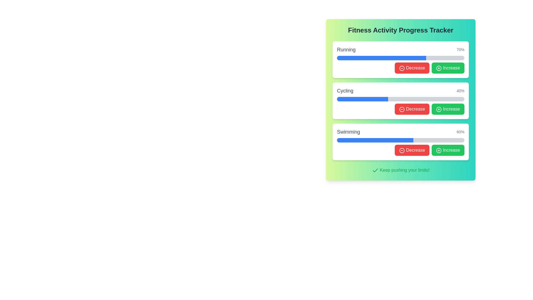 This screenshot has height=300, width=533. What do you see at coordinates (362, 99) in the screenshot?
I see `the progress bar representing 40% completion within the 'Cycling' section of the progress trackers` at bounding box center [362, 99].